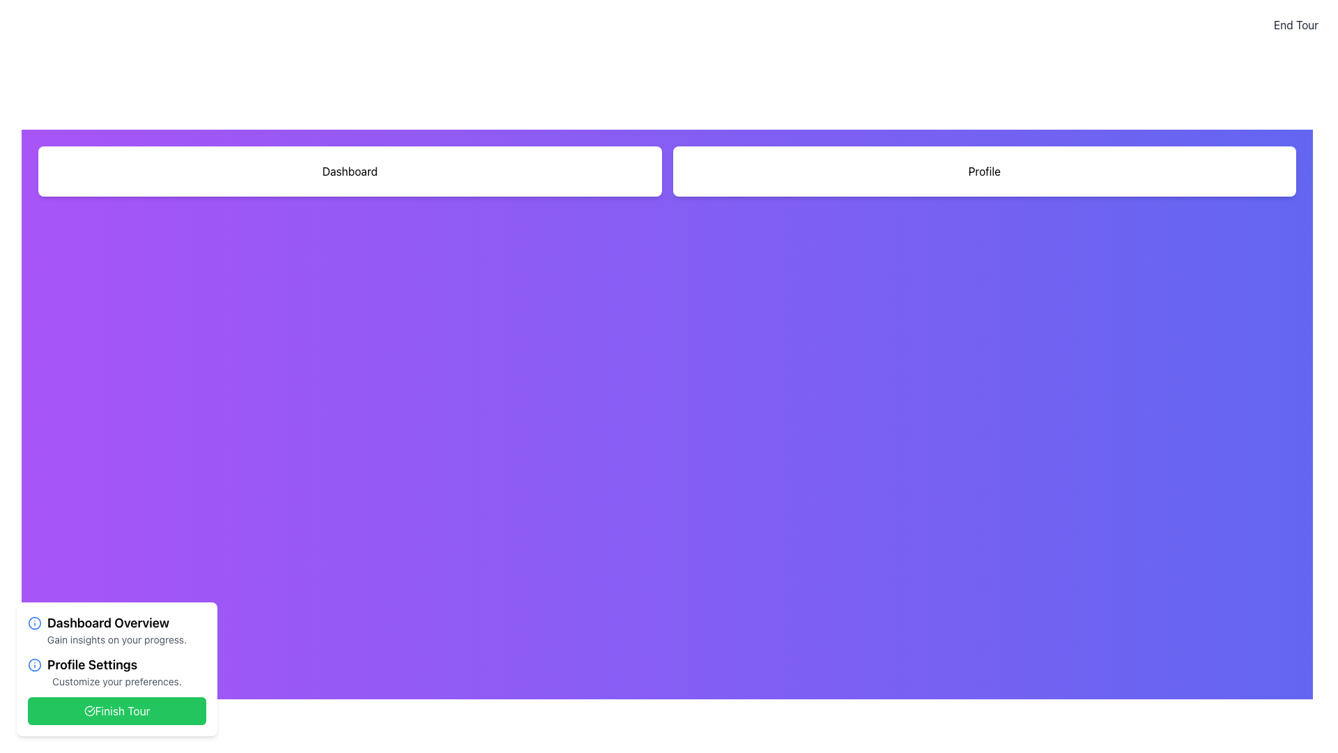  I want to click on the user information and navigation card located at the bottom-left corner of the interface, which contains an overview, settings options, and a button for completing a tour, so click(117, 669).